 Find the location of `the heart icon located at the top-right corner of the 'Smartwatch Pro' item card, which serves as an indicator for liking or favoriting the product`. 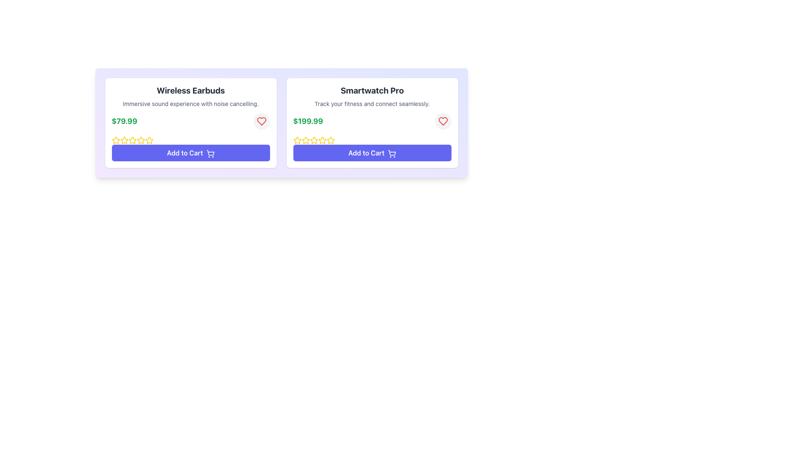

the heart icon located at the top-right corner of the 'Smartwatch Pro' item card, which serves as an indicator for liking or favoriting the product is located at coordinates (261, 121).